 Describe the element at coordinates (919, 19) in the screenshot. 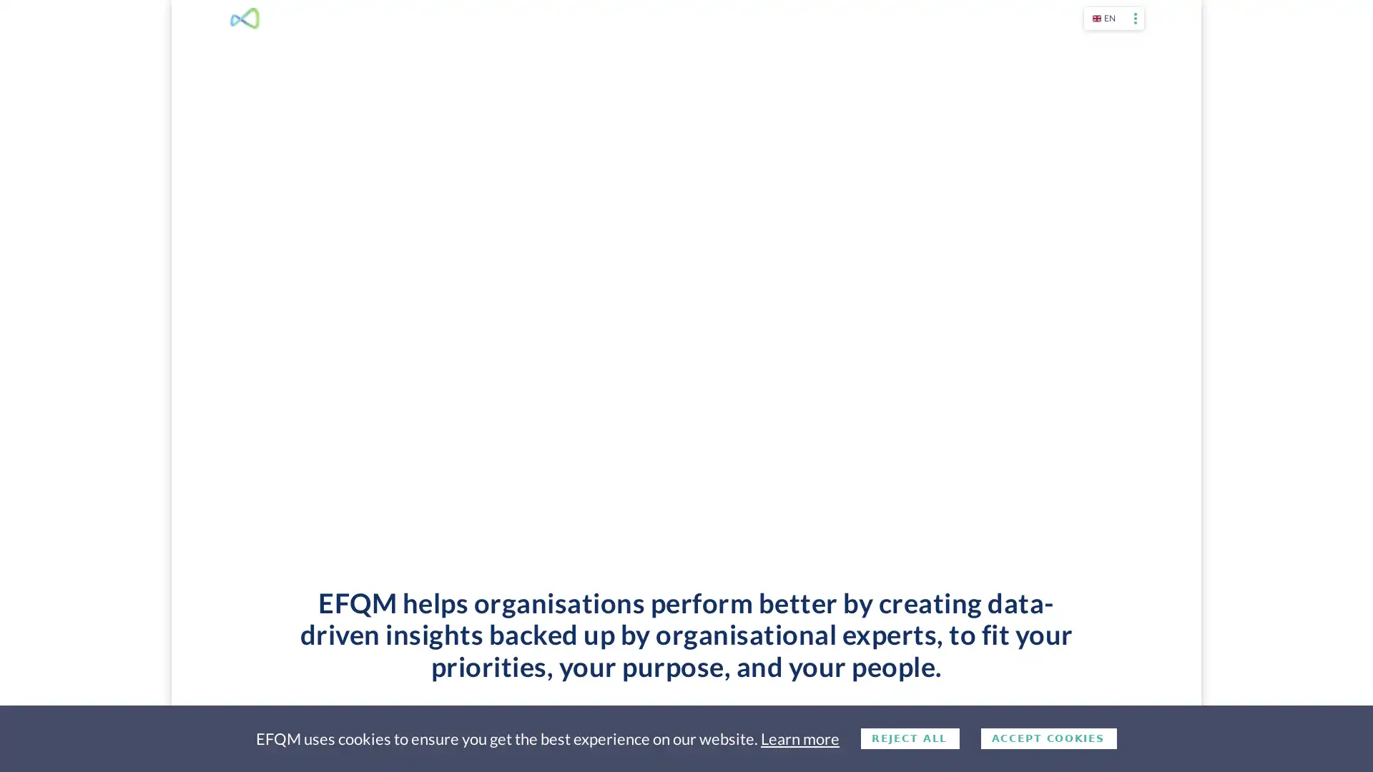

I see `ABOUT` at that location.